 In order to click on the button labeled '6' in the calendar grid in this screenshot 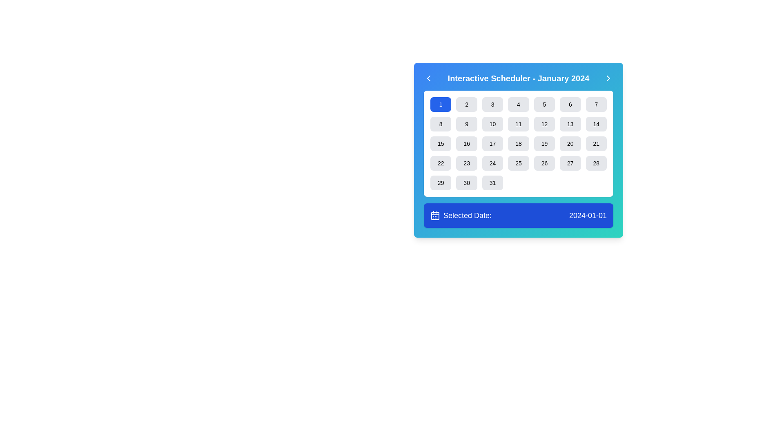, I will do `click(570, 104)`.